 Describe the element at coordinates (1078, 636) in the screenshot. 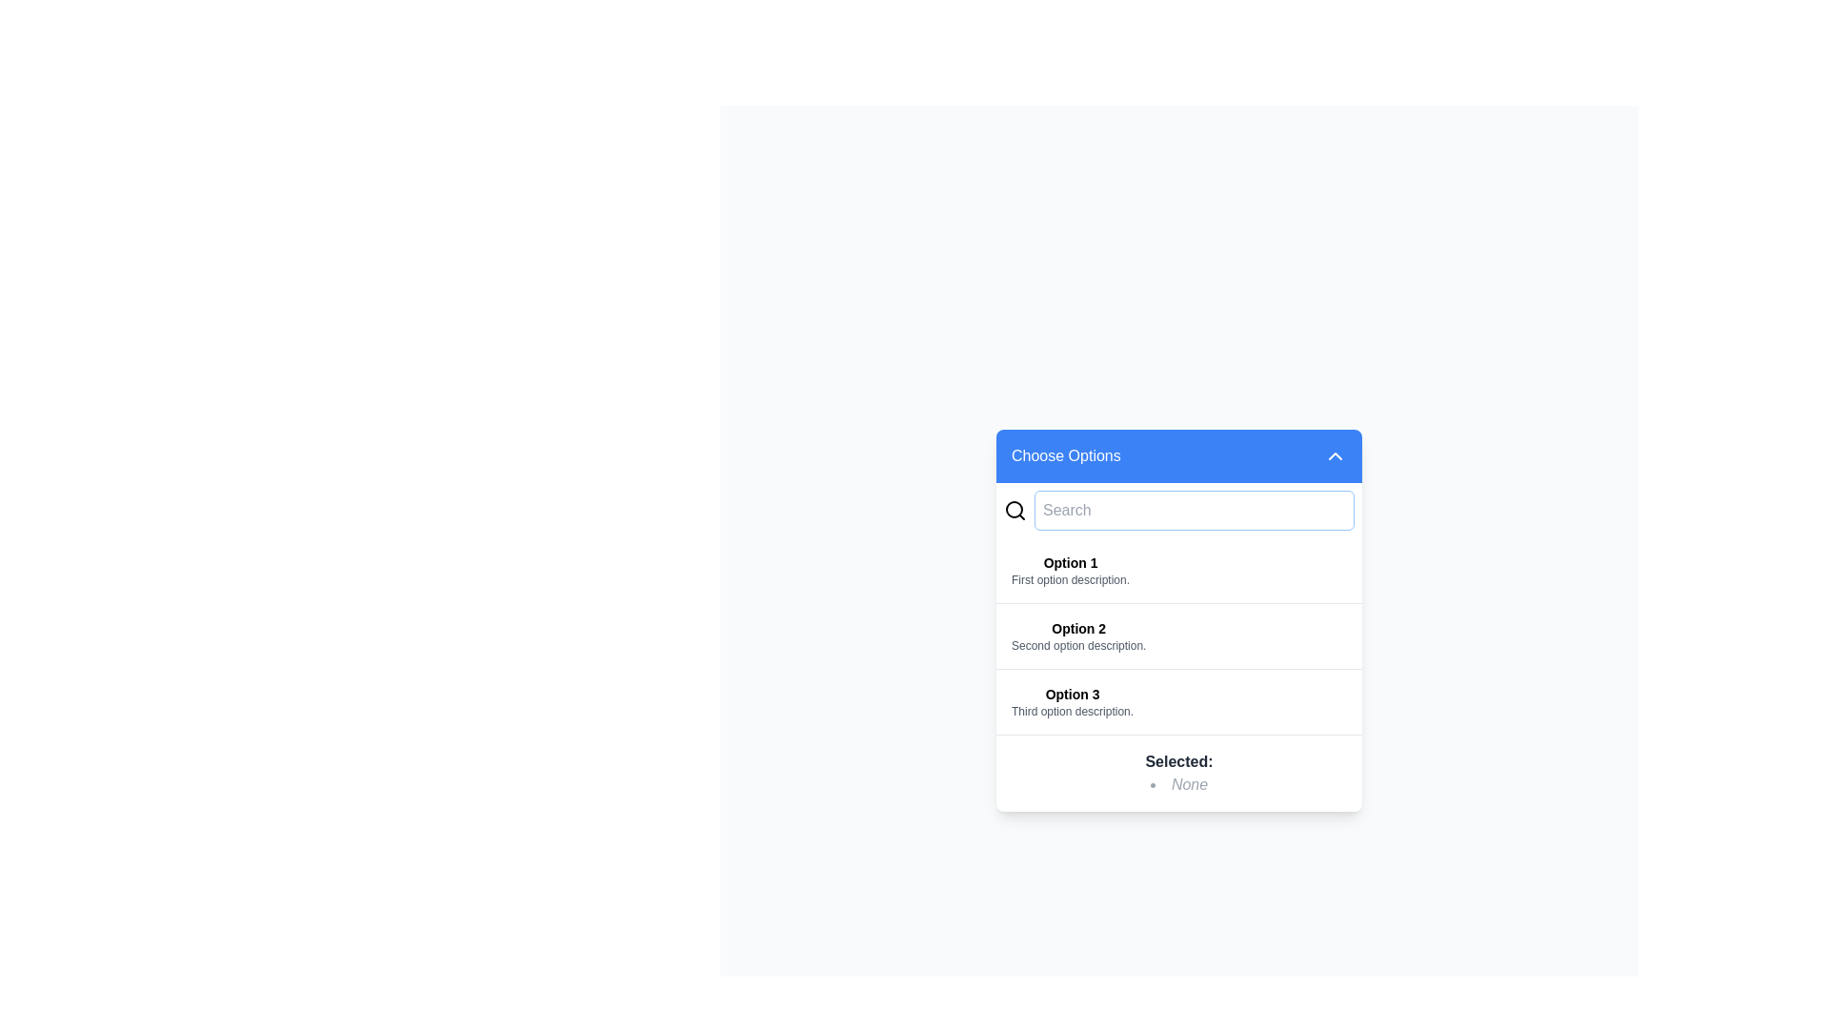

I see `to select the dropdown option labeled 'Option 2' with the description 'Second option description.'` at that location.